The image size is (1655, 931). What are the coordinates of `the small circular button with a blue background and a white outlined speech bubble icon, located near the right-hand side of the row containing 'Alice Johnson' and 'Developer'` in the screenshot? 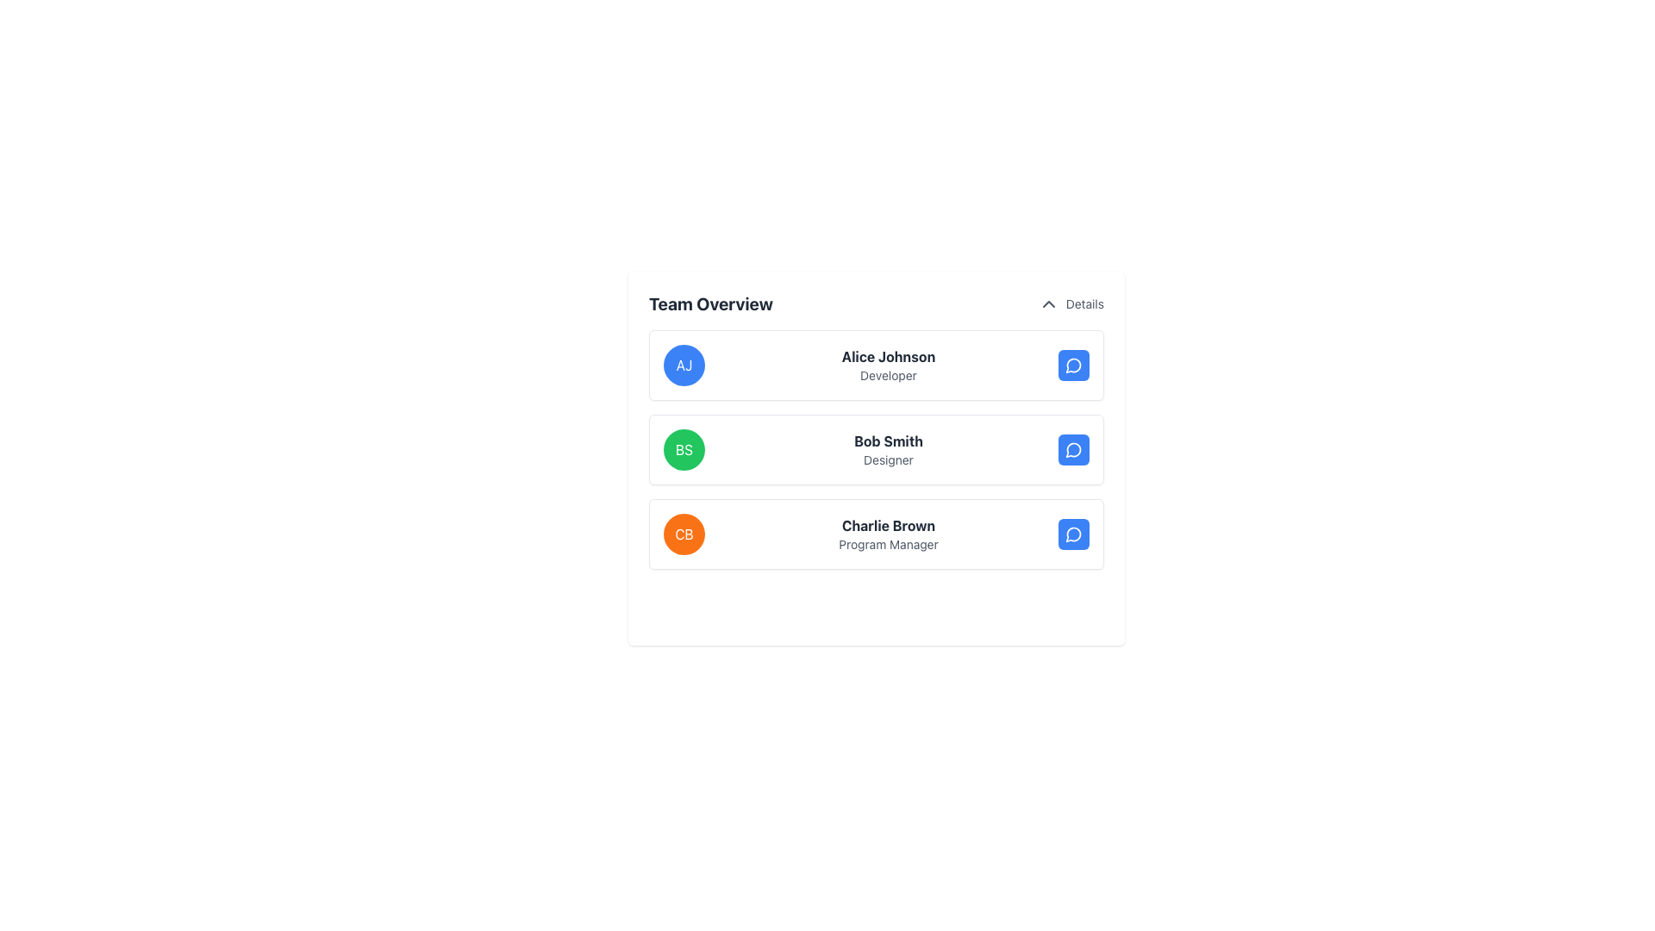 It's located at (1073, 365).